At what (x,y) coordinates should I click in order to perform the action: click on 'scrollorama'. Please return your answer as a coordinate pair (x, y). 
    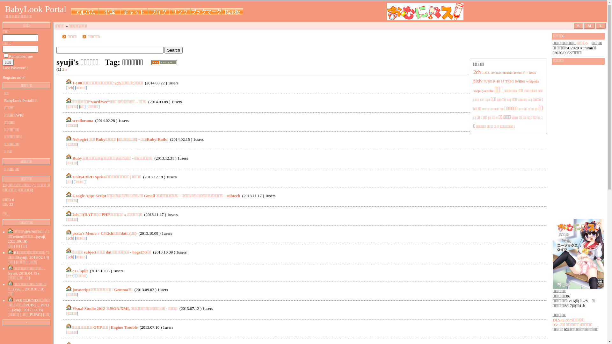
    Looking at the image, I should click on (82, 120).